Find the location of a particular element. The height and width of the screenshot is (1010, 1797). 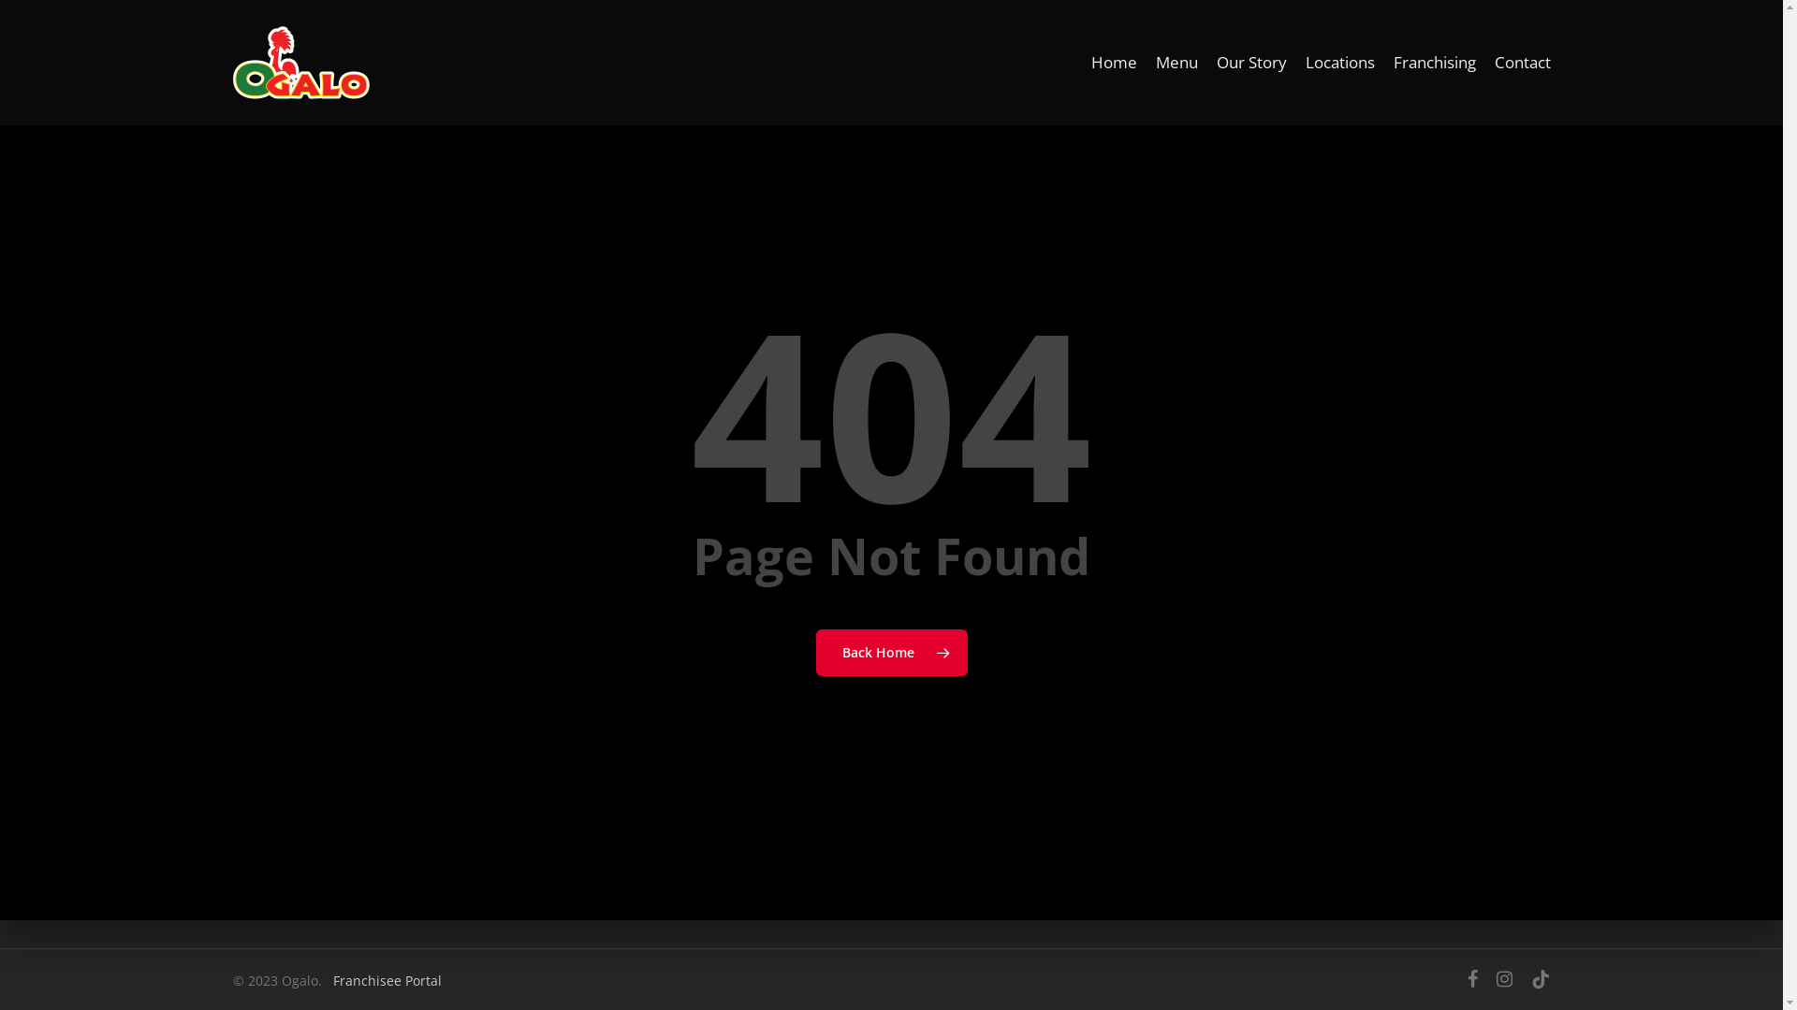

'Back Home' is located at coordinates (816, 652).